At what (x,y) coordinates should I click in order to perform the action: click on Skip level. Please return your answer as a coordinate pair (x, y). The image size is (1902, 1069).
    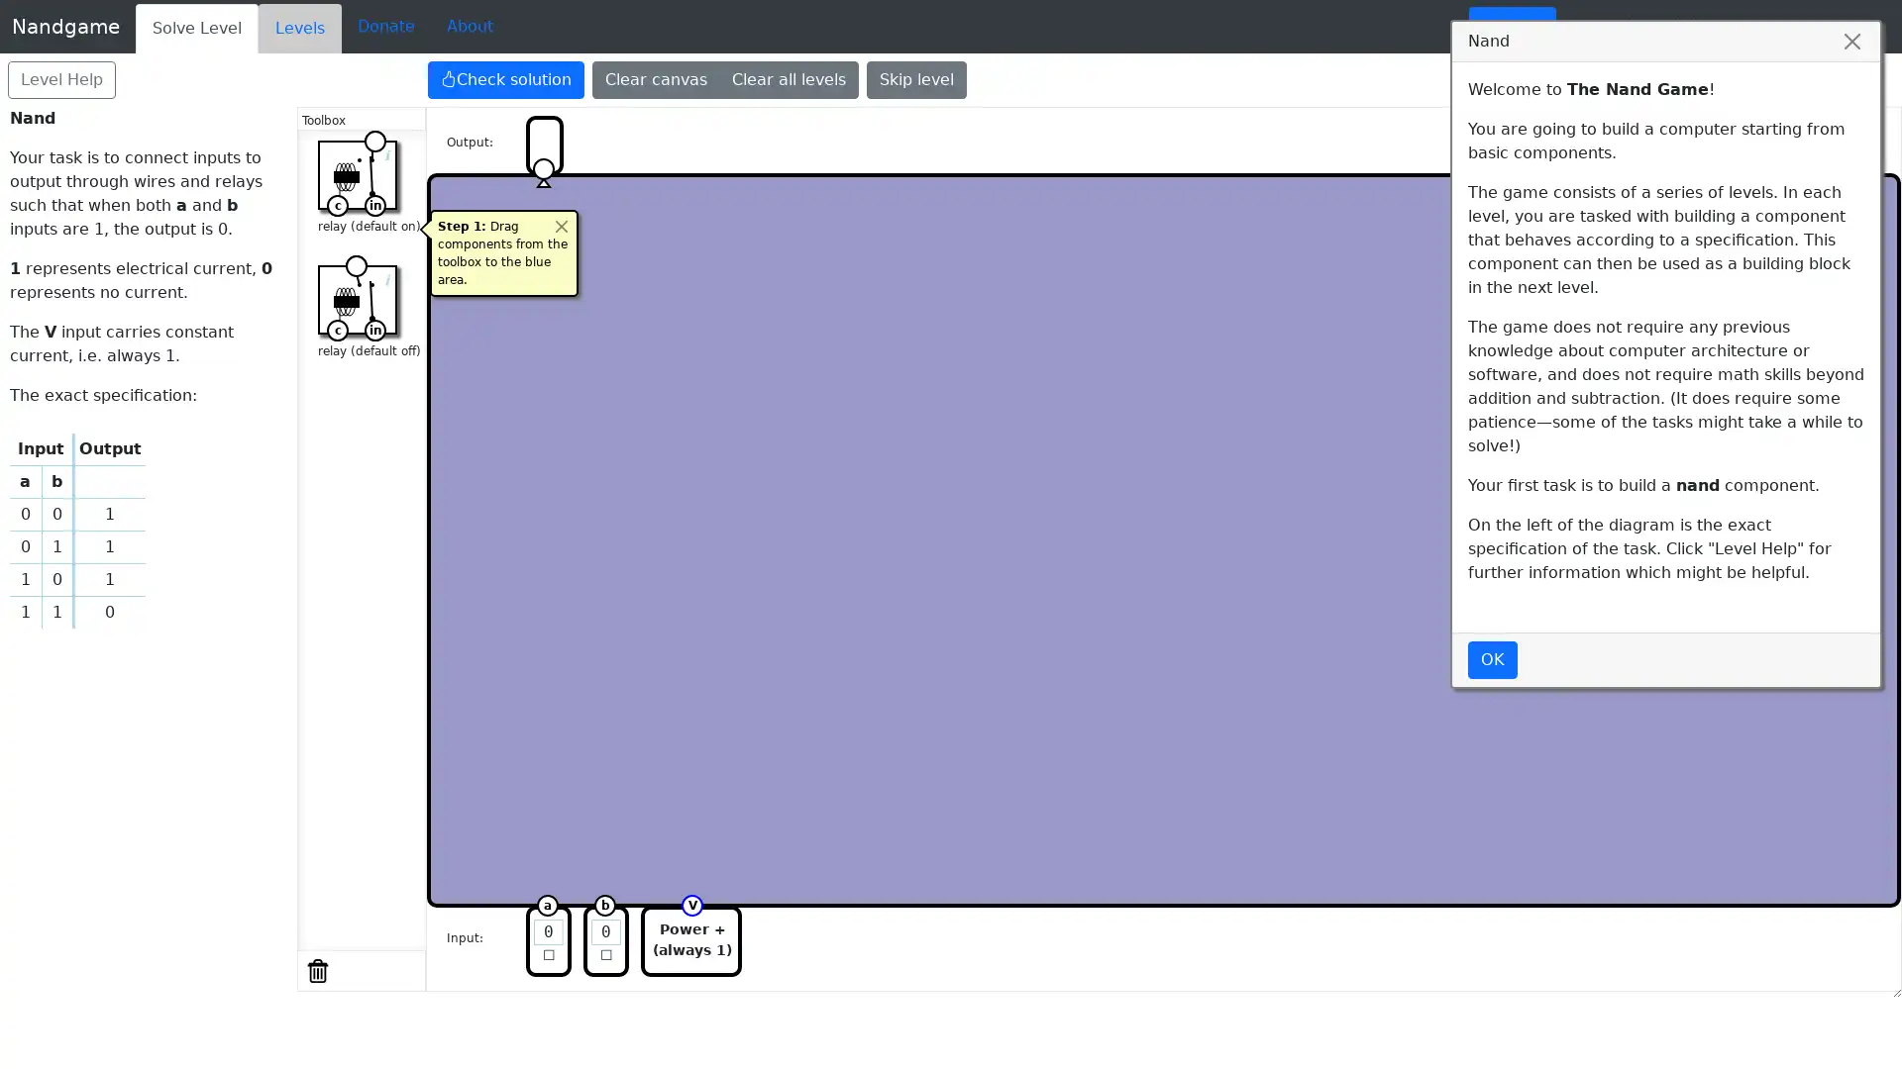
    Looking at the image, I should click on (915, 79).